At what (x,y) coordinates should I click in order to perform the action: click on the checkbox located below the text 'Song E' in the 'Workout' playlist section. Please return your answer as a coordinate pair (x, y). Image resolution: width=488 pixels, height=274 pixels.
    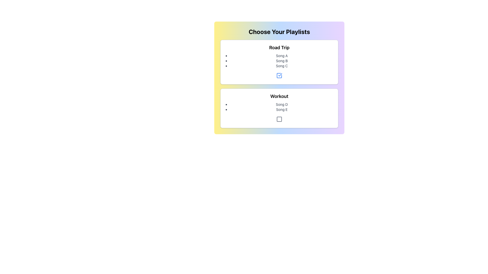
    Looking at the image, I should click on (279, 119).